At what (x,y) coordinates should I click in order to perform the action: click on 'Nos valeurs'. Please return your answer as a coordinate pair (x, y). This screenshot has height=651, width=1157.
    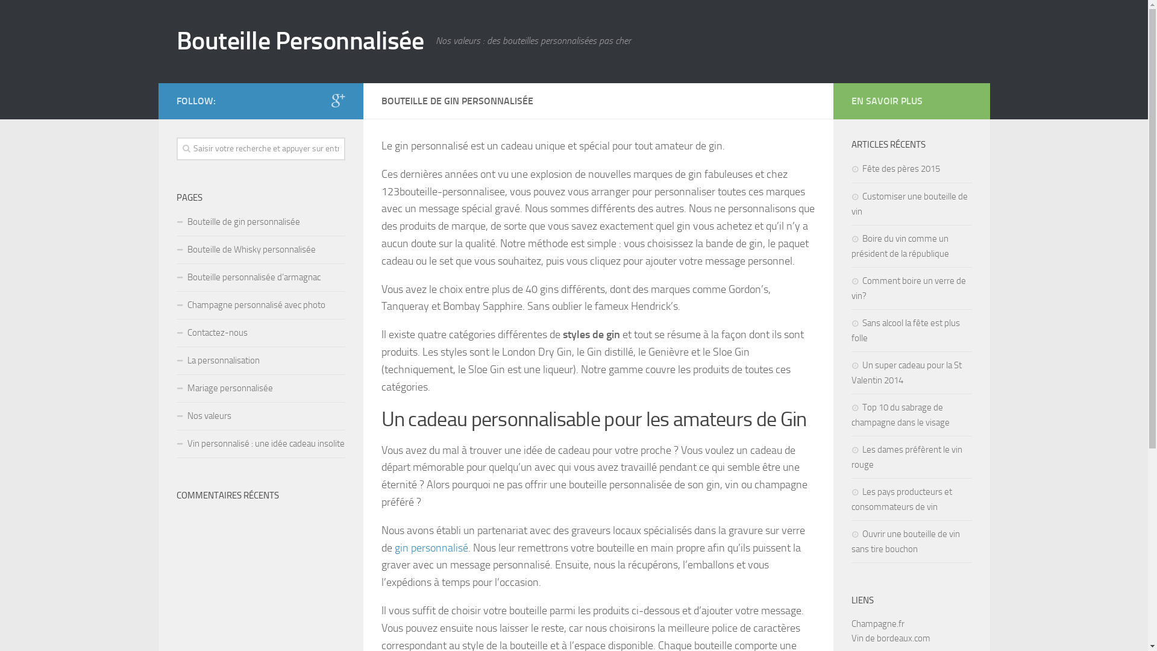
    Looking at the image, I should click on (260, 415).